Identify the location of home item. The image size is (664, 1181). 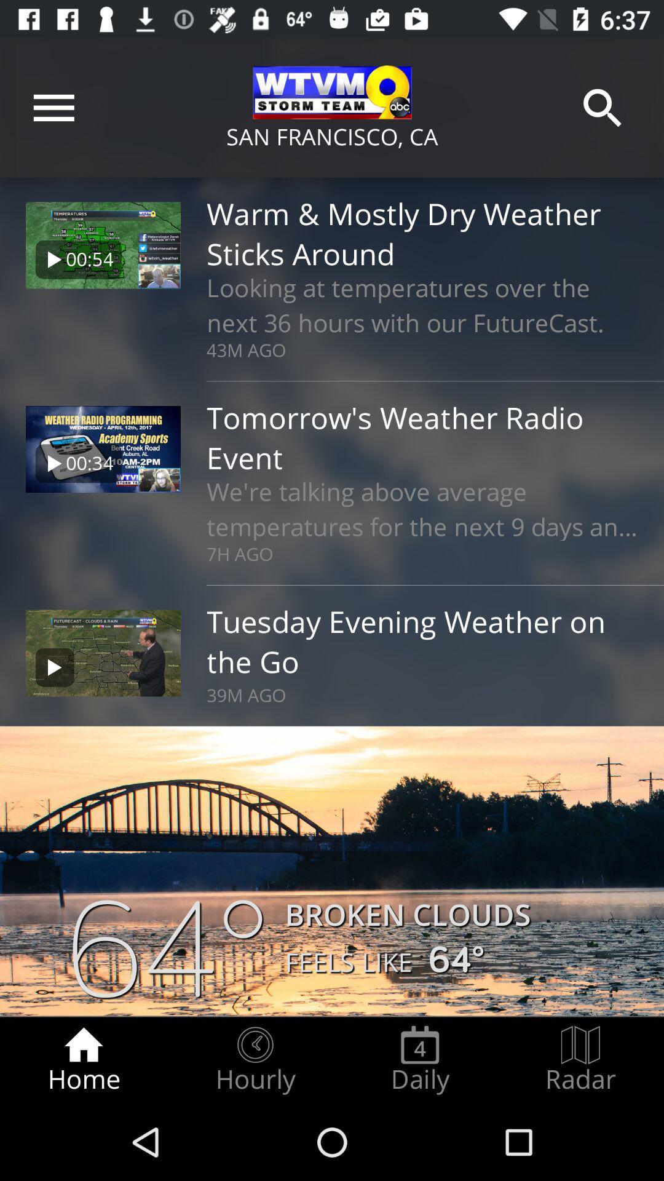
(83, 1059).